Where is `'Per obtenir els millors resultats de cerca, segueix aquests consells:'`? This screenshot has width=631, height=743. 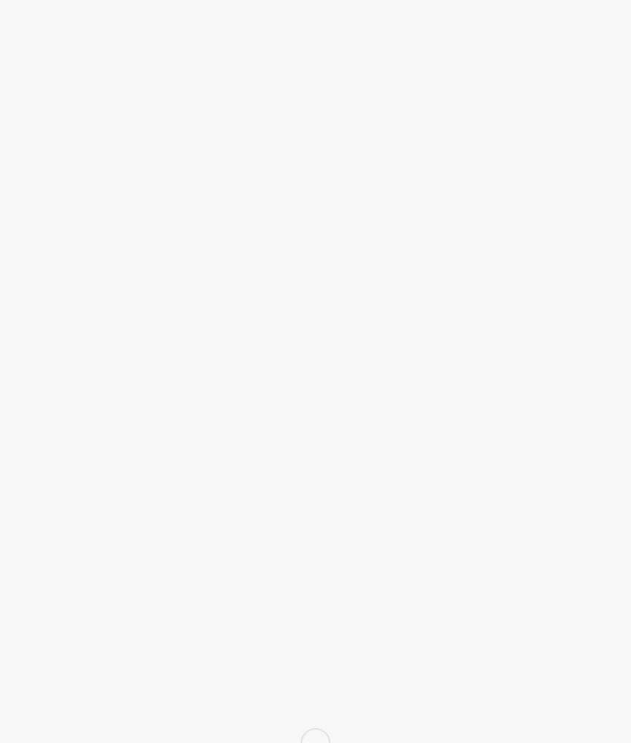 'Per obtenir els millors resultats de cerca, segueix aquests consells:' is located at coordinates (219, 273).